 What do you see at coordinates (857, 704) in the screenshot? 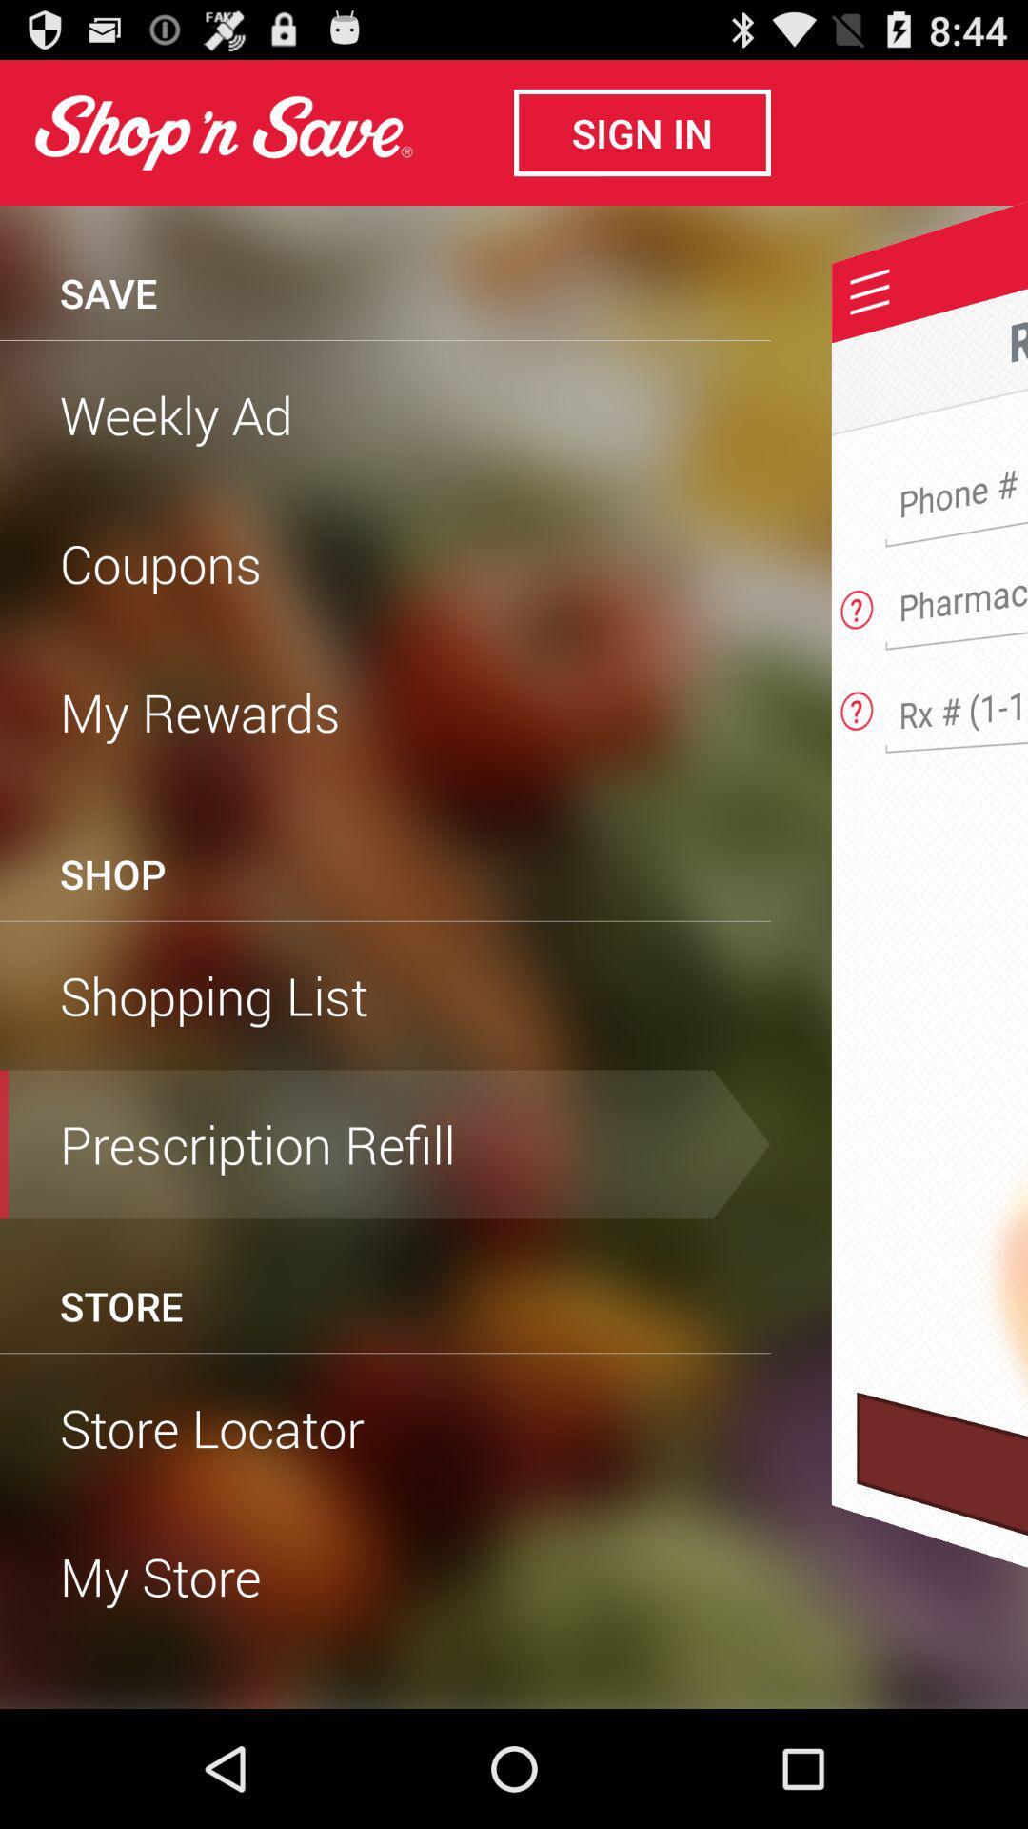
I see `info about prescription` at bounding box center [857, 704].